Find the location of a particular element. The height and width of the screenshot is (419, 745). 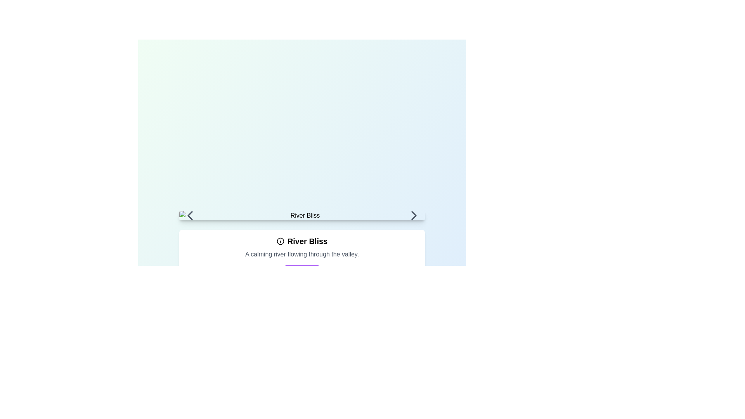

the TextBlock that reads 'A calming river flowing through the valley.' which is located below the heading 'River Bliss' and above the 'Like' button is located at coordinates (301, 254).